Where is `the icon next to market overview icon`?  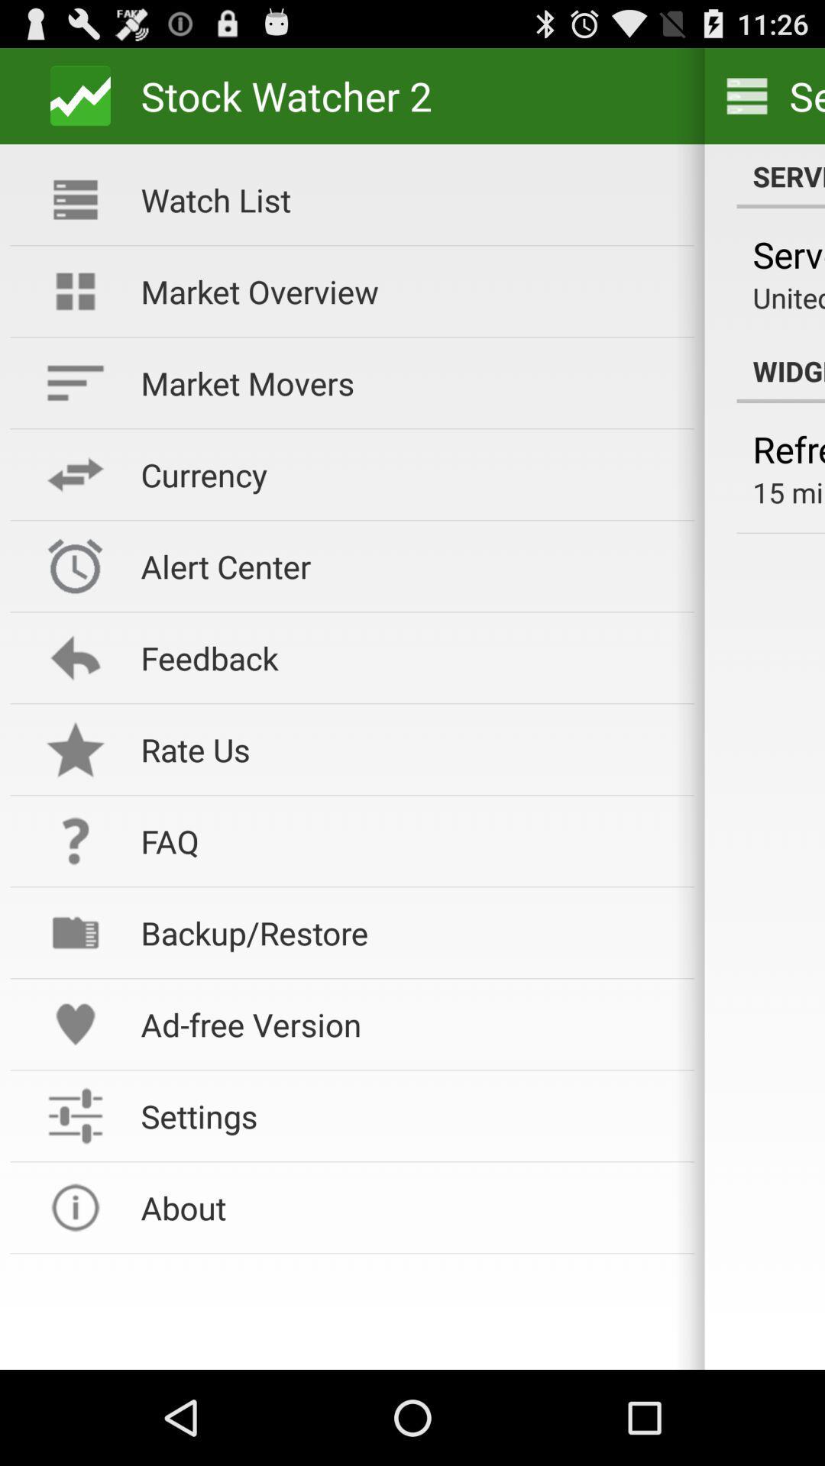 the icon next to market overview icon is located at coordinates (781, 370).